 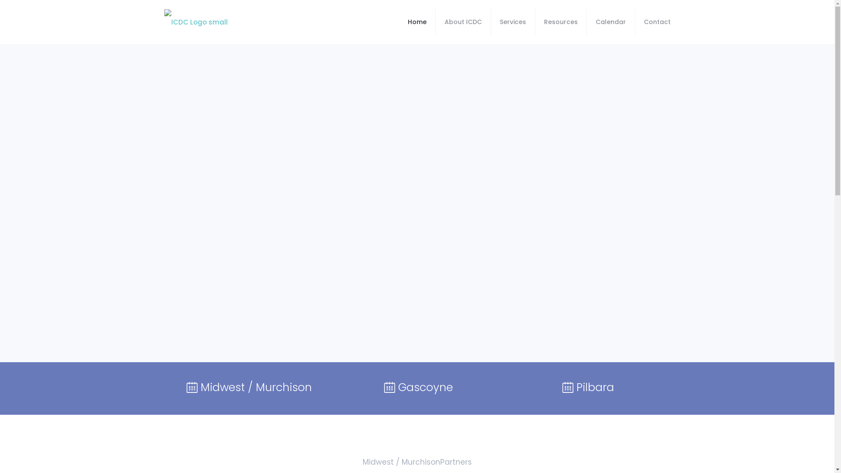 What do you see at coordinates (535, 21) in the screenshot?
I see `'Resources'` at bounding box center [535, 21].